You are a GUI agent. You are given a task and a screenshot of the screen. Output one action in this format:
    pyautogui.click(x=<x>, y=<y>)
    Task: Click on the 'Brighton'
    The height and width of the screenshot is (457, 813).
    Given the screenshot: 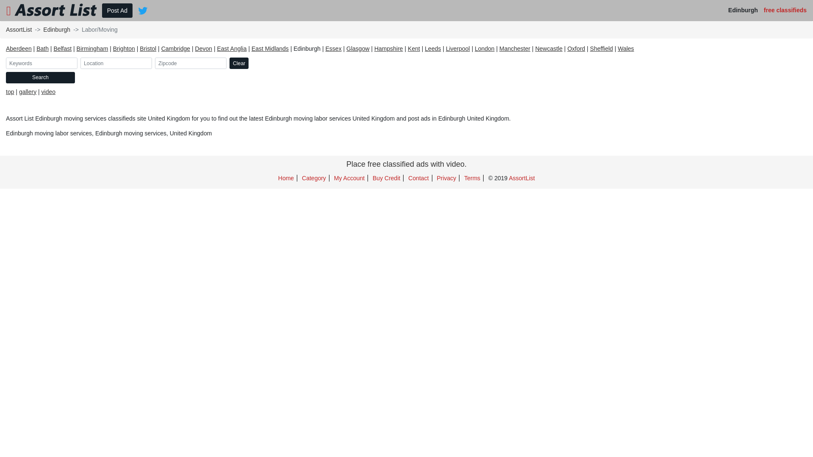 What is the action you would take?
    pyautogui.click(x=113, y=49)
    